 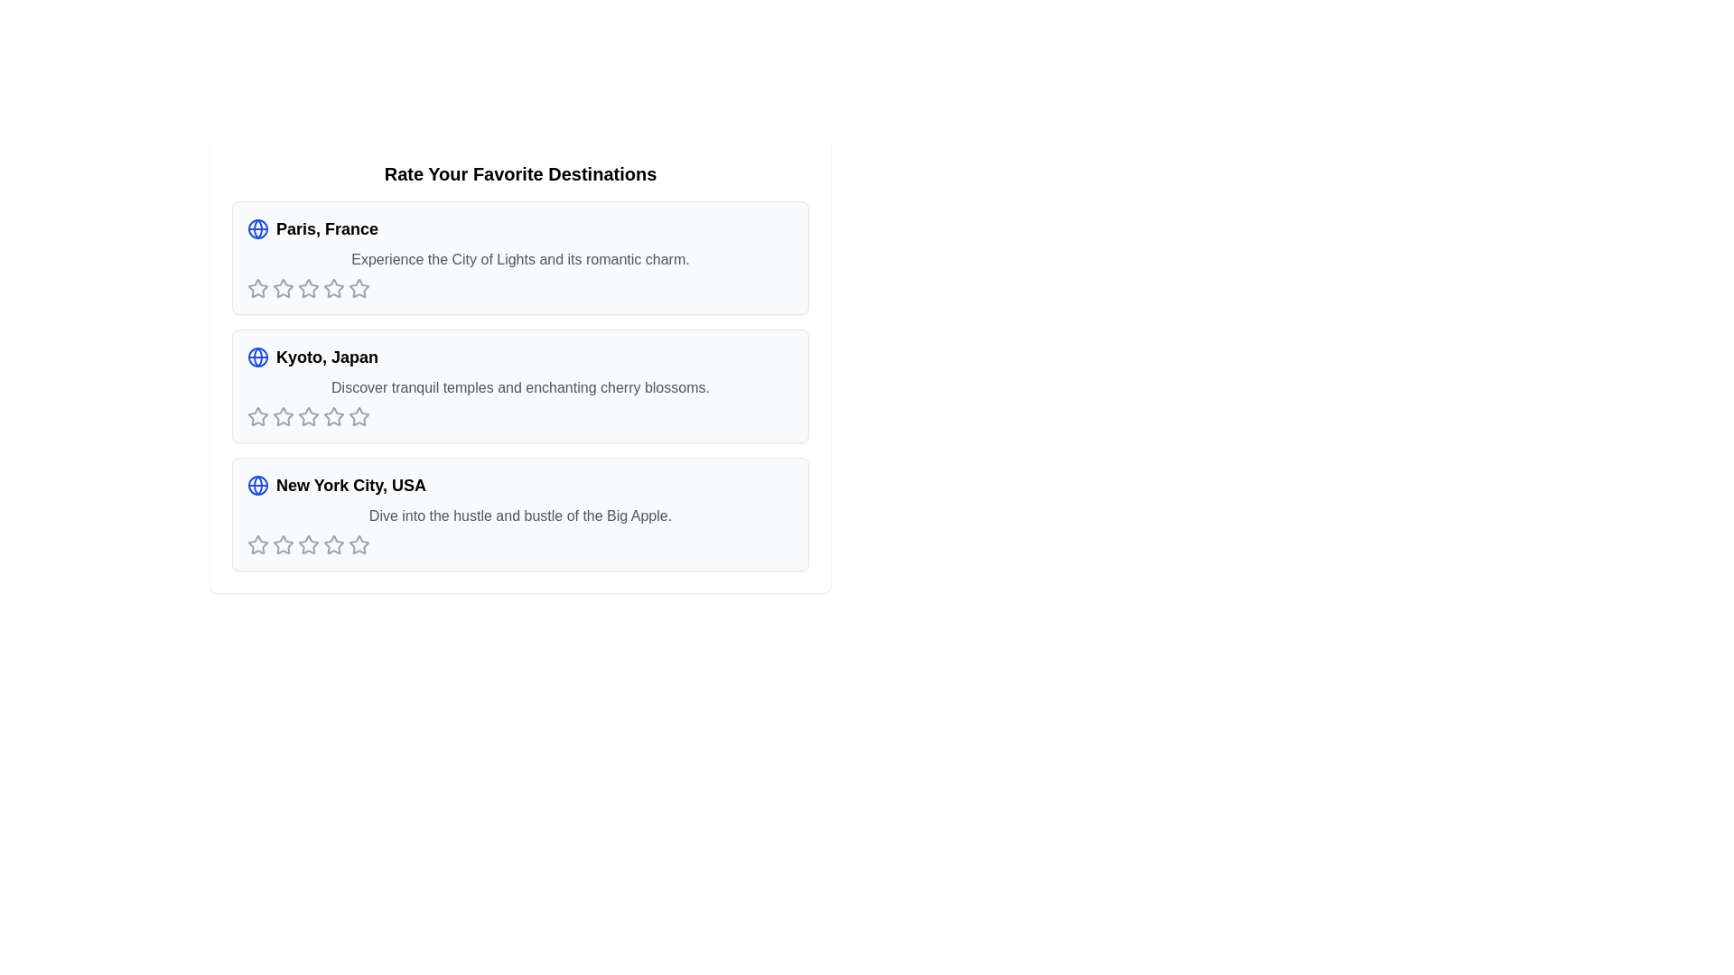 What do you see at coordinates (359, 288) in the screenshot?
I see `the fifth star icon used for rating, located below the 'Paris, France' headline in the first content card` at bounding box center [359, 288].